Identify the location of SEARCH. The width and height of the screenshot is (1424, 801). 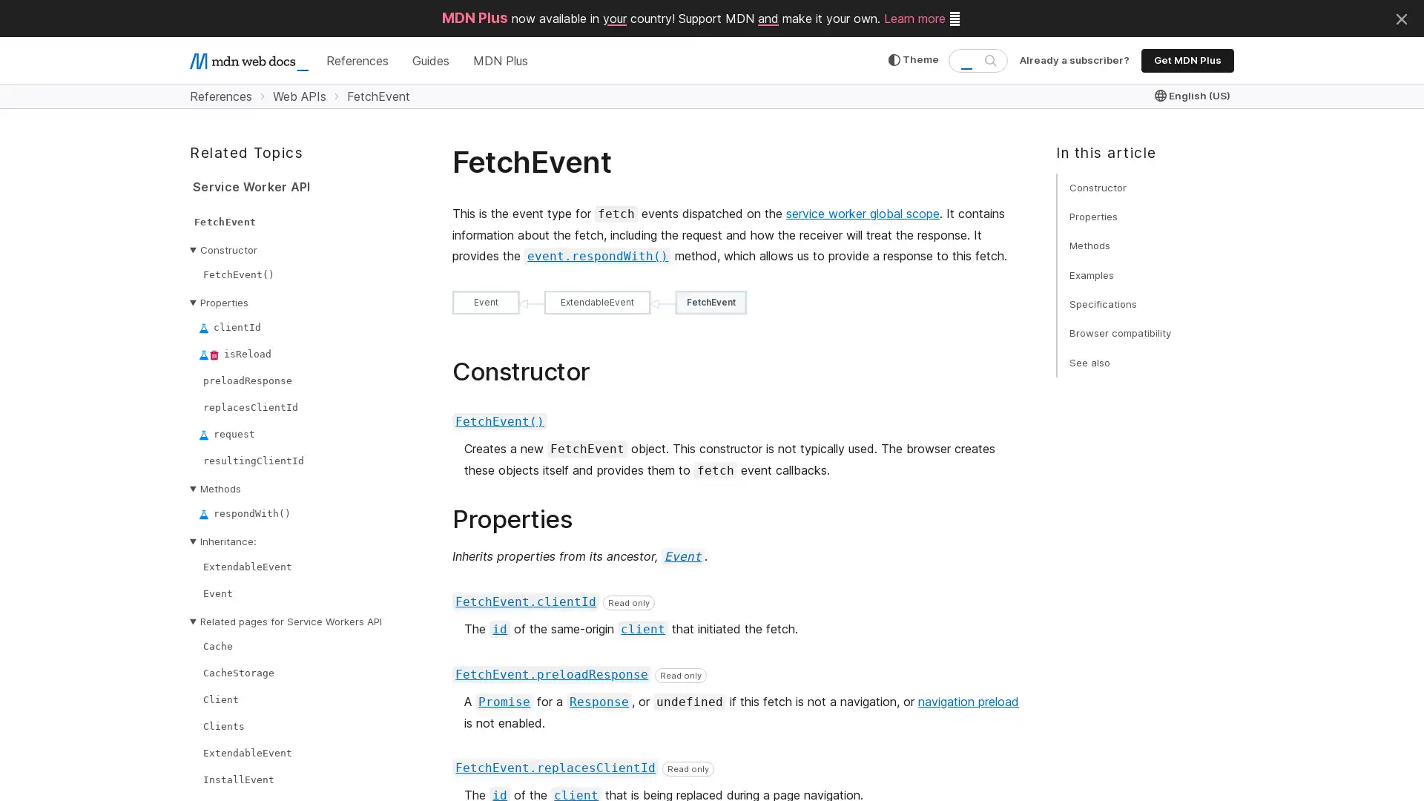
(989, 59).